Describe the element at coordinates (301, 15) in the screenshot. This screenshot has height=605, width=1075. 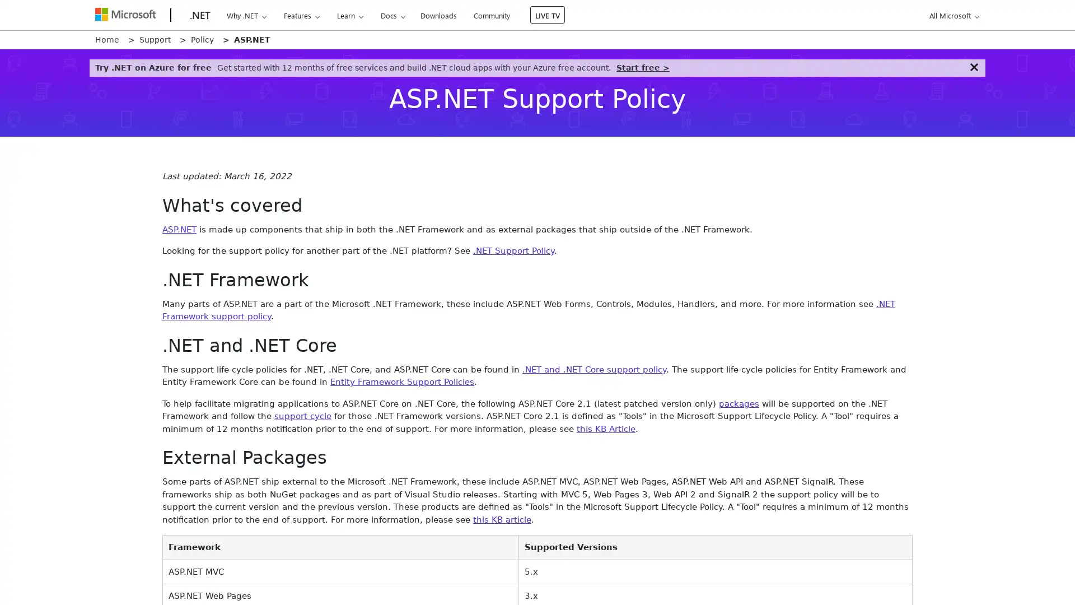
I see `Features` at that location.